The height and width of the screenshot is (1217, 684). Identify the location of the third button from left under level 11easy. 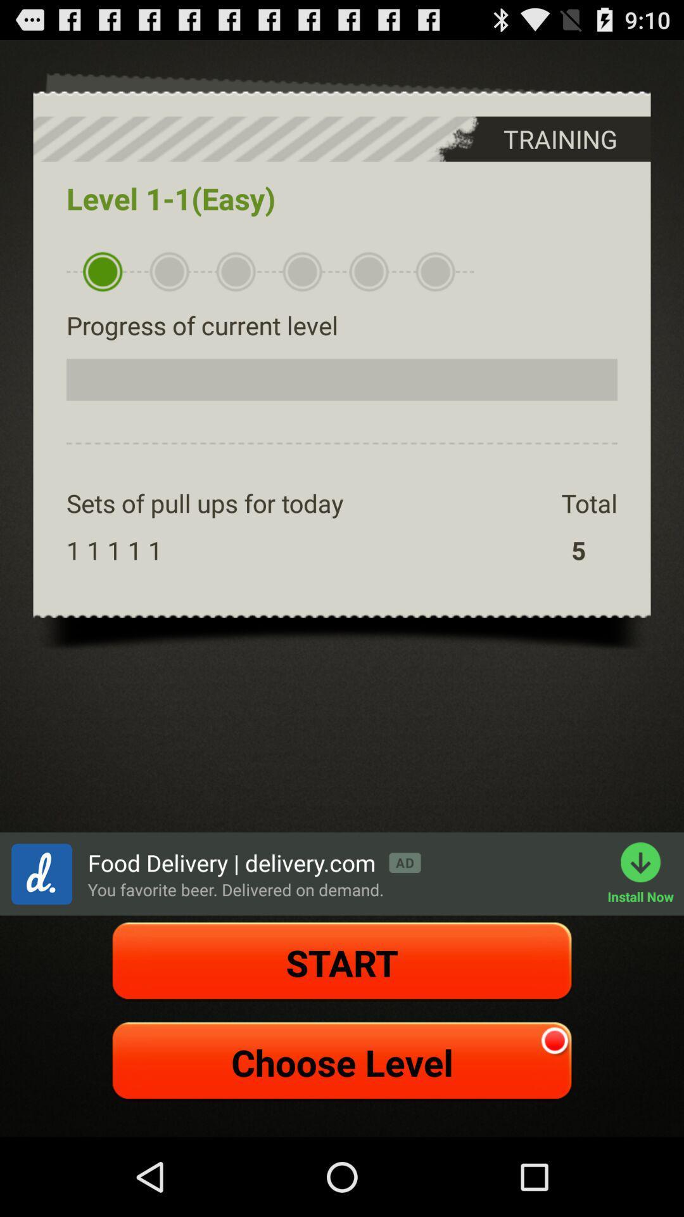
(236, 271).